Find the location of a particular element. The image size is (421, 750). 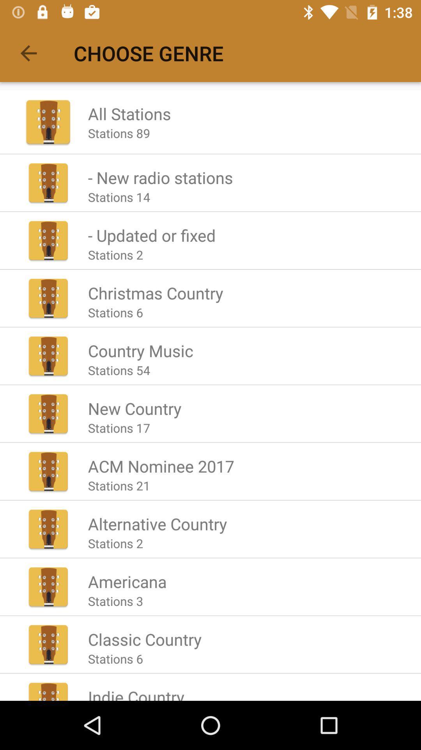

the app above stations 2 icon is located at coordinates (152, 235).